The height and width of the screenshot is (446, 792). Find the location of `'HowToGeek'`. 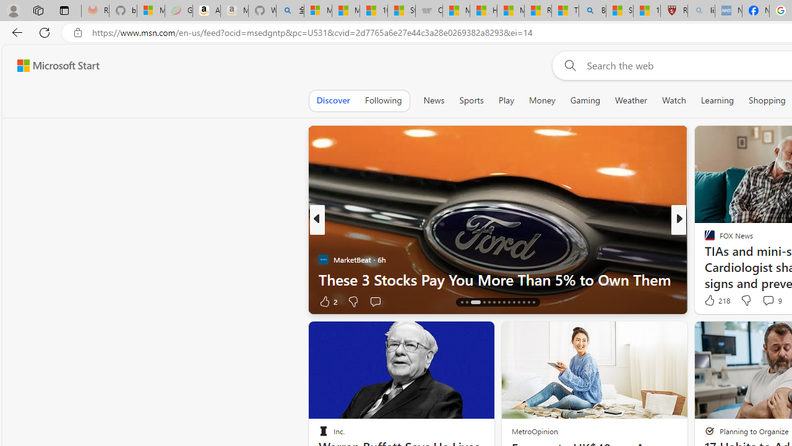

'HowToGeek' is located at coordinates (704, 259).